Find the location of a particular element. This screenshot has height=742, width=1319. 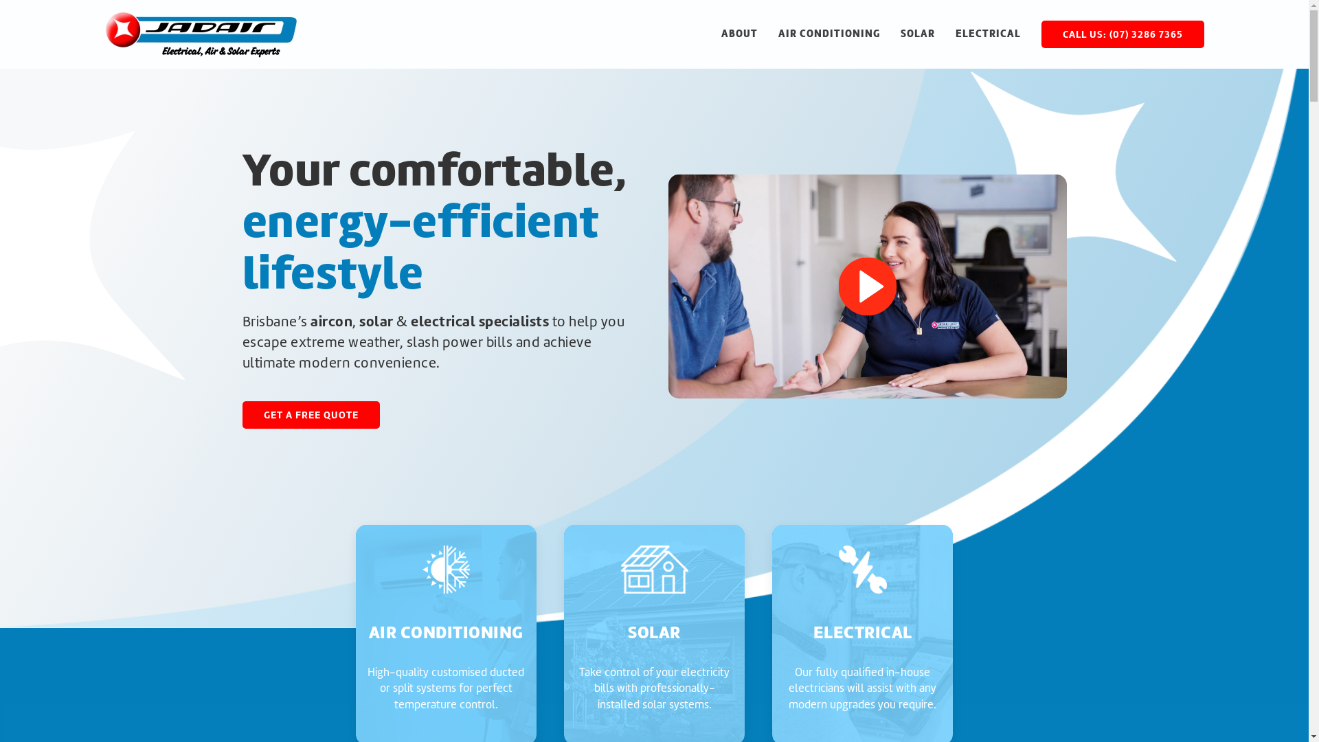

'ABOUT' is located at coordinates (739, 34).